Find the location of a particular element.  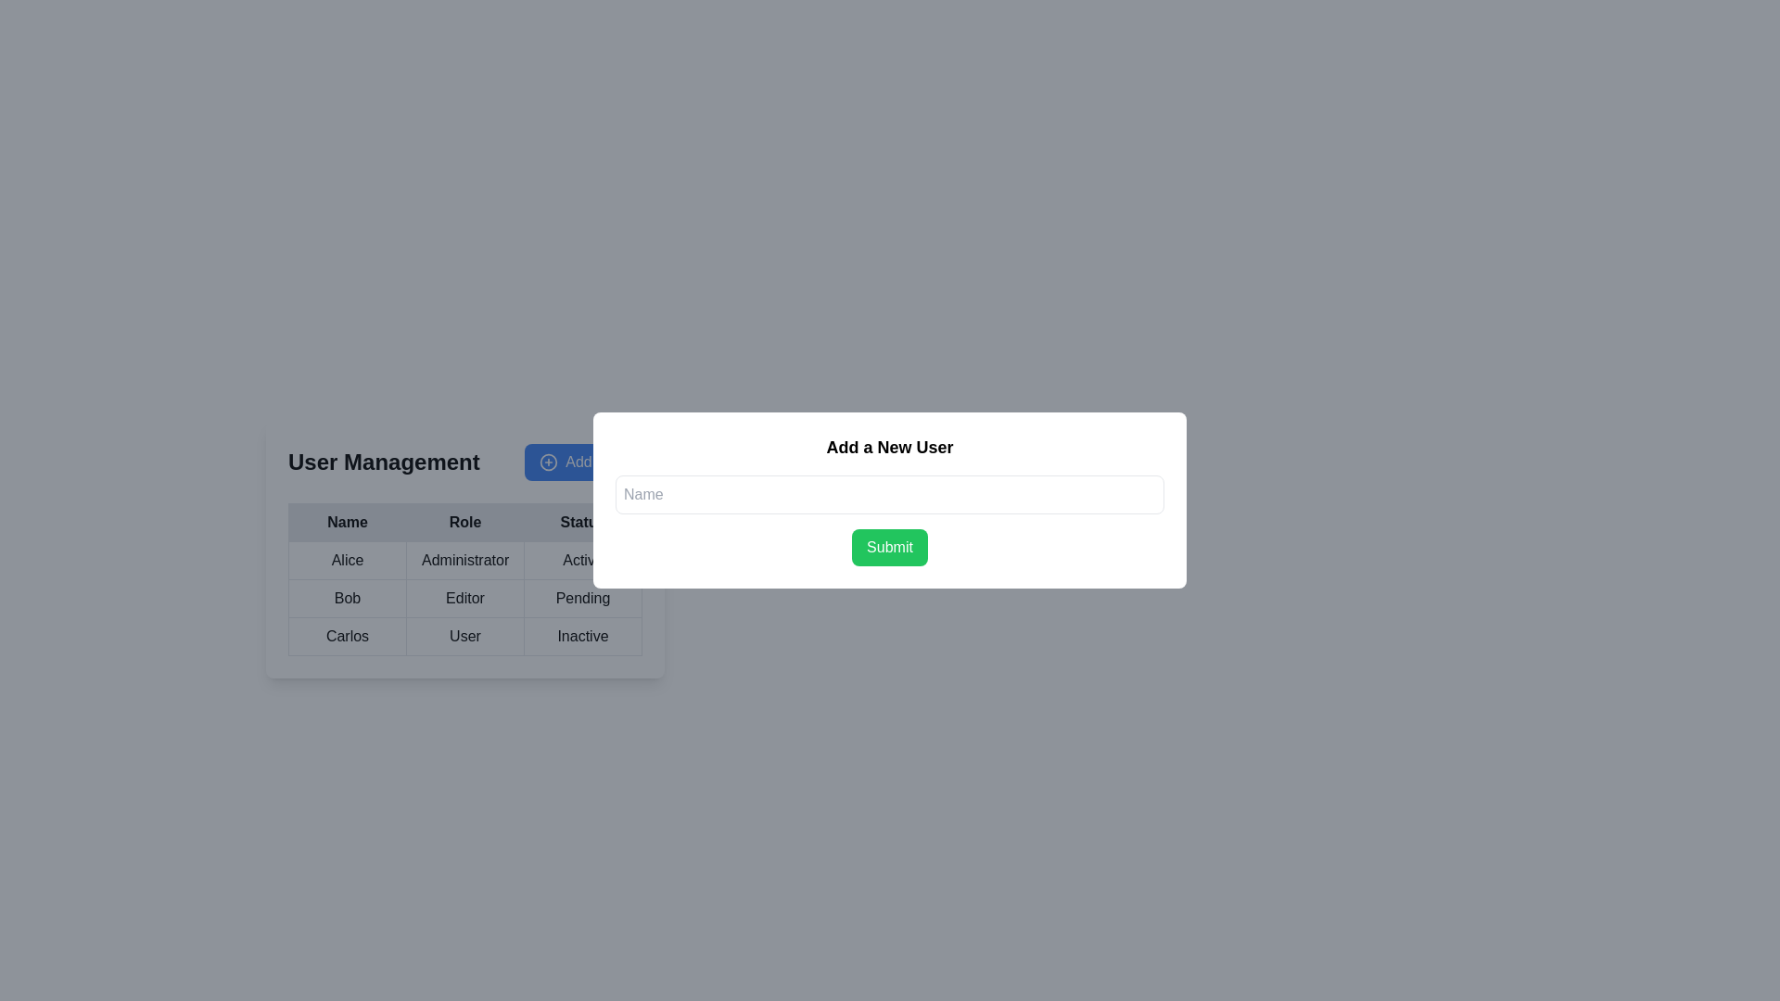

data from the table displaying user information, specifically the first row with 'Alice', 'Administrator', and 'Active' is located at coordinates (465, 577).